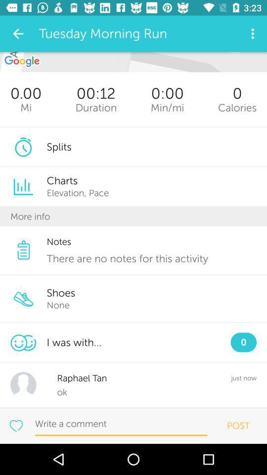 The width and height of the screenshot is (267, 475). Describe the element at coordinates (167, 107) in the screenshot. I see `item next to the 0` at that location.